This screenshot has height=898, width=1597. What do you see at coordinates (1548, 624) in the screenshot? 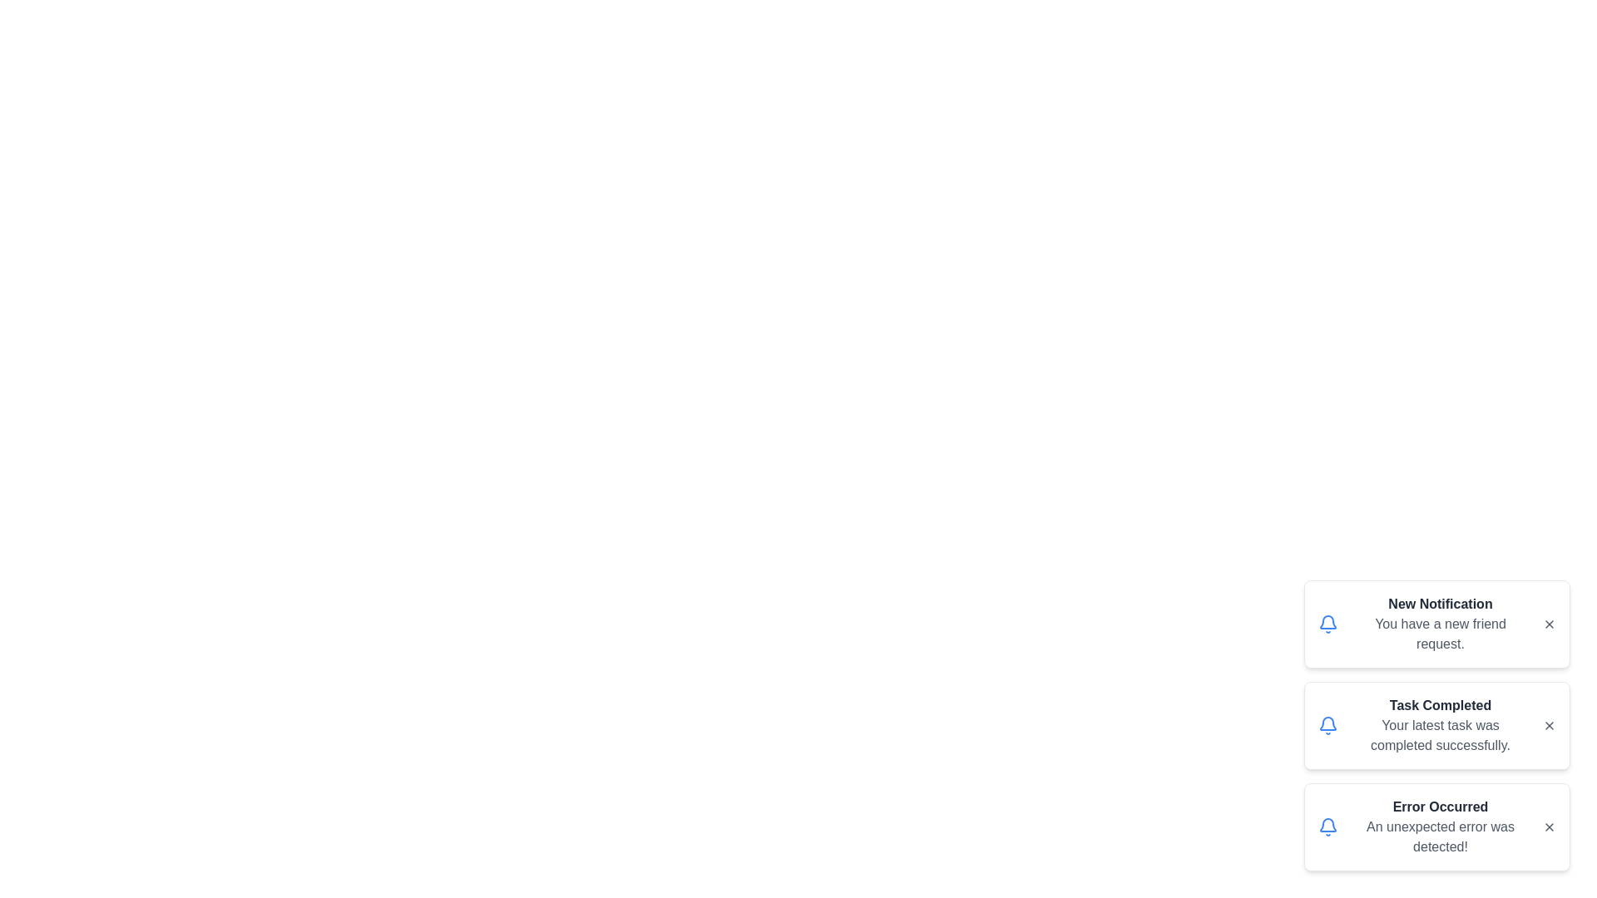
I see `close button of the notification titled 'New Notification'` at bounding box center [1548, 624].